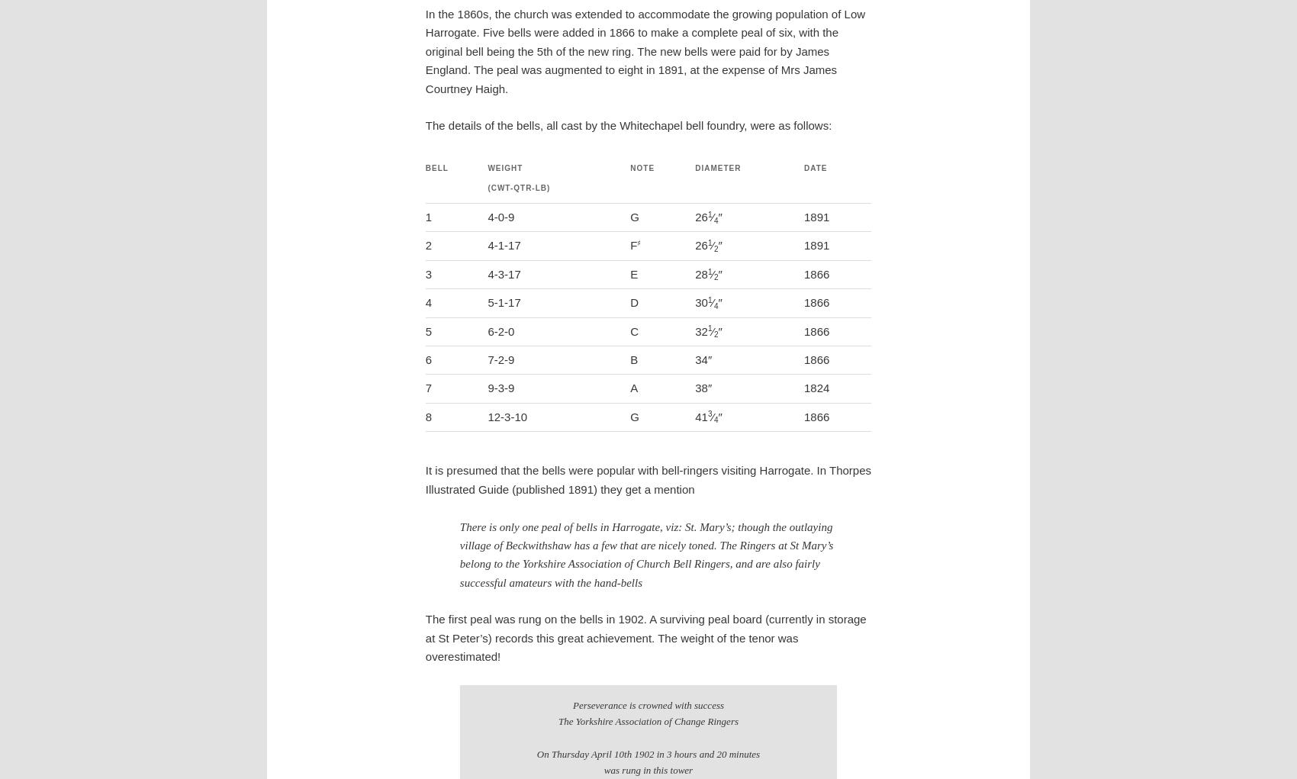  What do you see at coordinates (504, 244) in the screenshot?
I see `'4-1-17'` at bounding box center [504, 244].